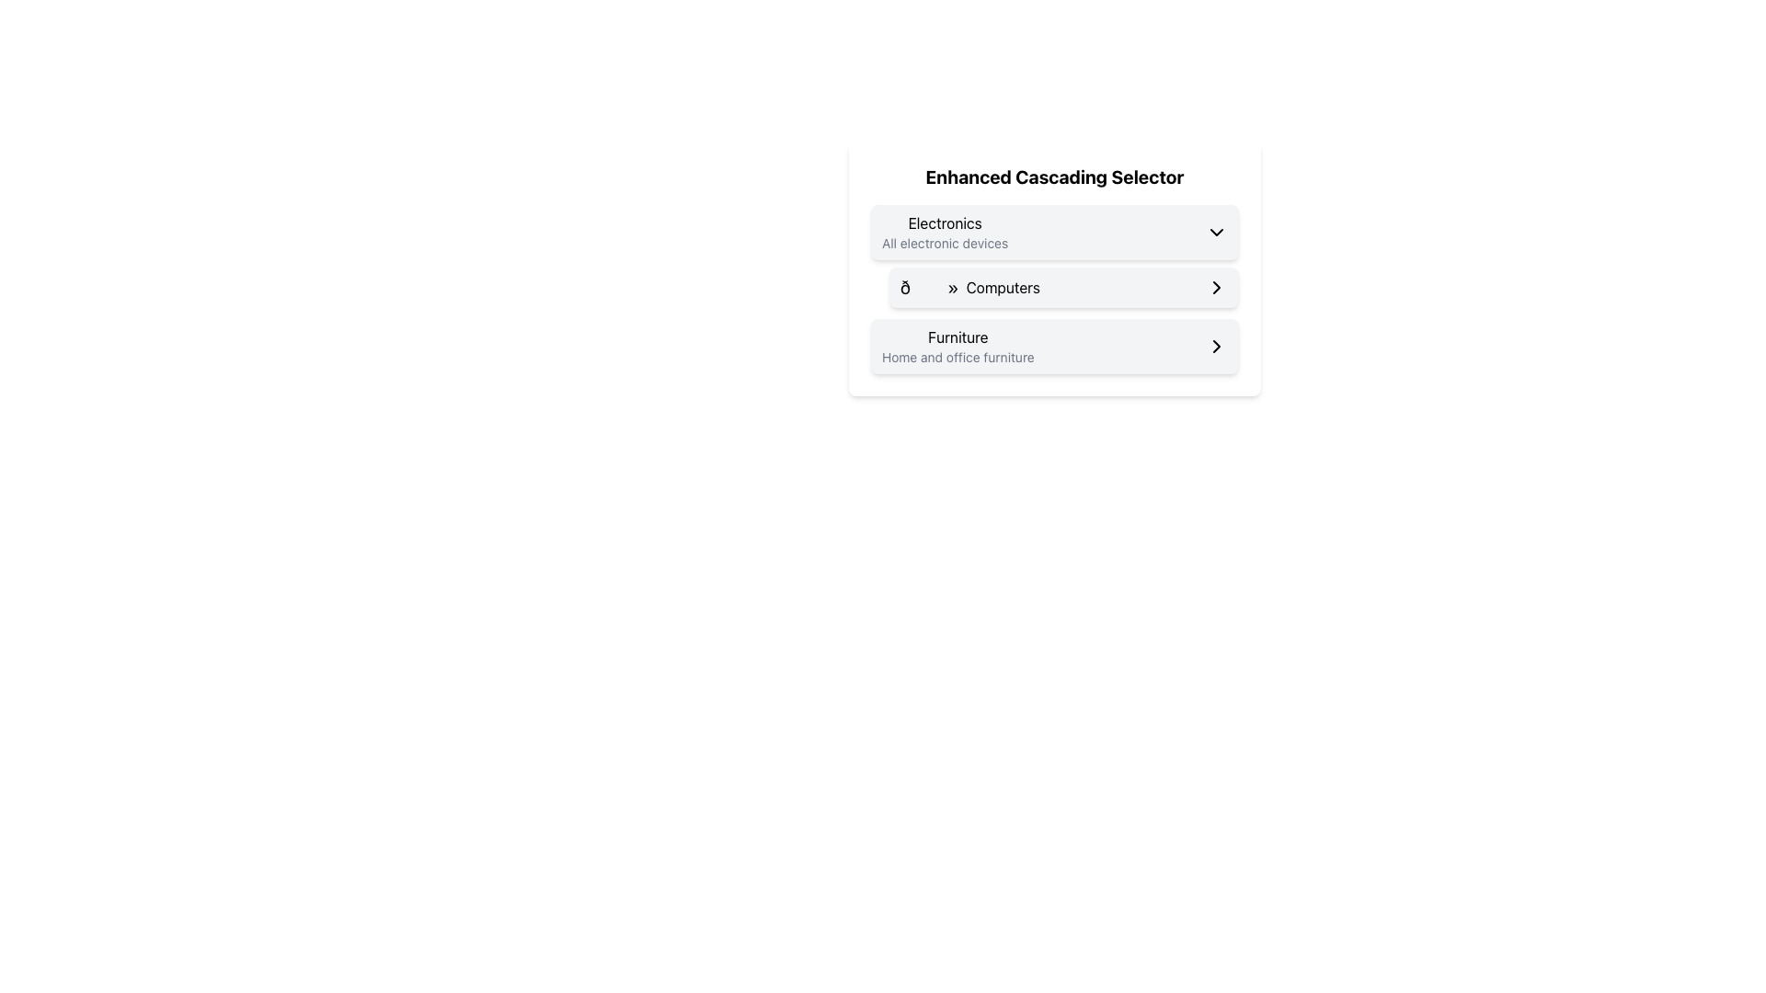  Describe the element at coordinates (1055, 290) in the screenshot. I see `the second item in the vertical list of the 'Enhanced Cascading Selector'` at that location.